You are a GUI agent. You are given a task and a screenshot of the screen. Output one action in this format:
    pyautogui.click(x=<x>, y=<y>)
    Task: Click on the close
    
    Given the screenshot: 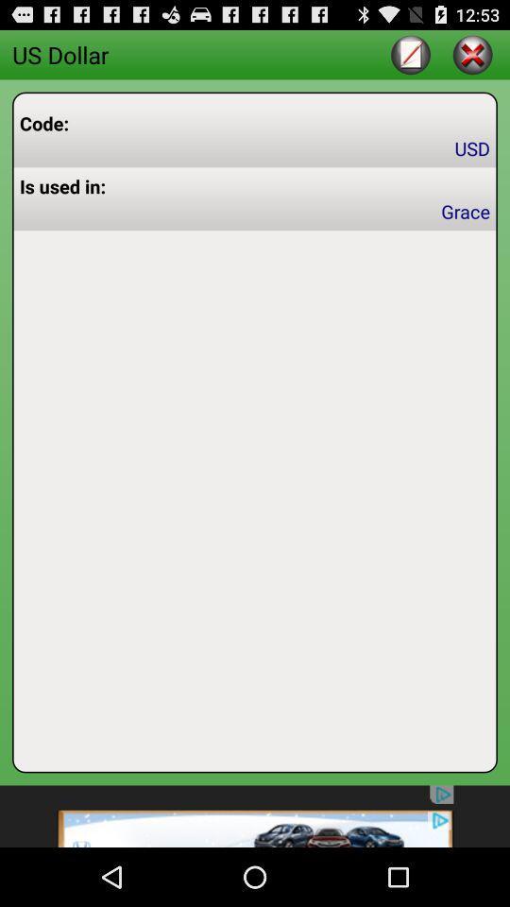 What is the action you would take?
    pyautogui.click(x=471, y=53)
    